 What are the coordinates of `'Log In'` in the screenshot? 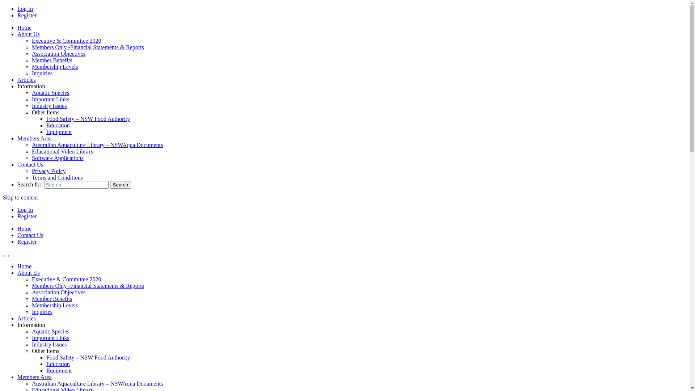 It's located at (25, 9).